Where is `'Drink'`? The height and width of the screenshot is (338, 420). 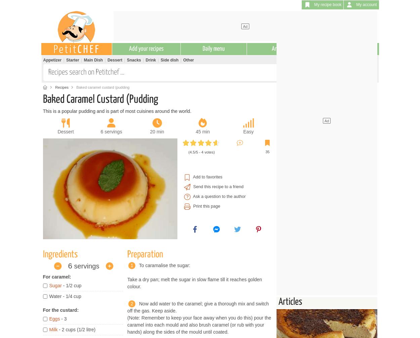
'Drink' is located at coordinates (150, 60).